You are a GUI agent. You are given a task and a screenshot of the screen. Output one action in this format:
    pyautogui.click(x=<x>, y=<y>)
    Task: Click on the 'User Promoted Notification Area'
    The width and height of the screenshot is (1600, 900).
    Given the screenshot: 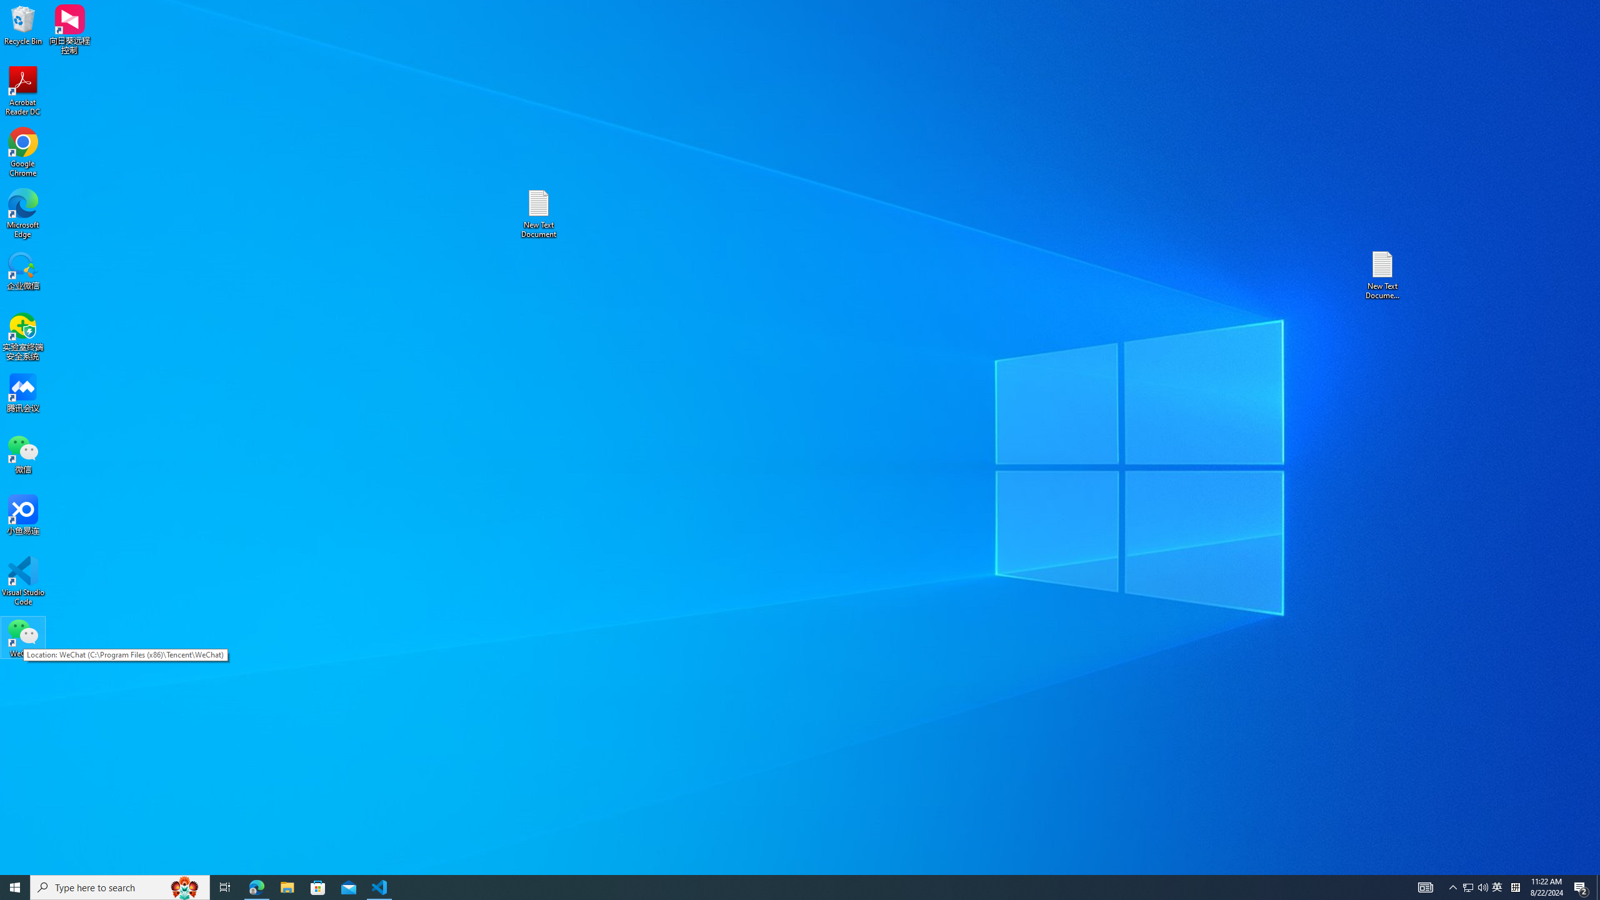 What is the action you would take?
    pyautogui.click(x=1497, y=886)
    